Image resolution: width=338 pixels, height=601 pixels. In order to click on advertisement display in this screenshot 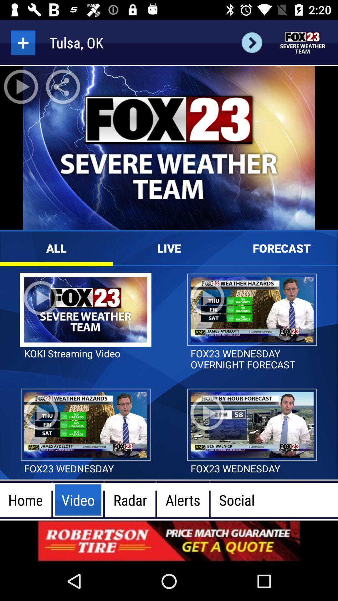, I will do `click(169, 541)`.